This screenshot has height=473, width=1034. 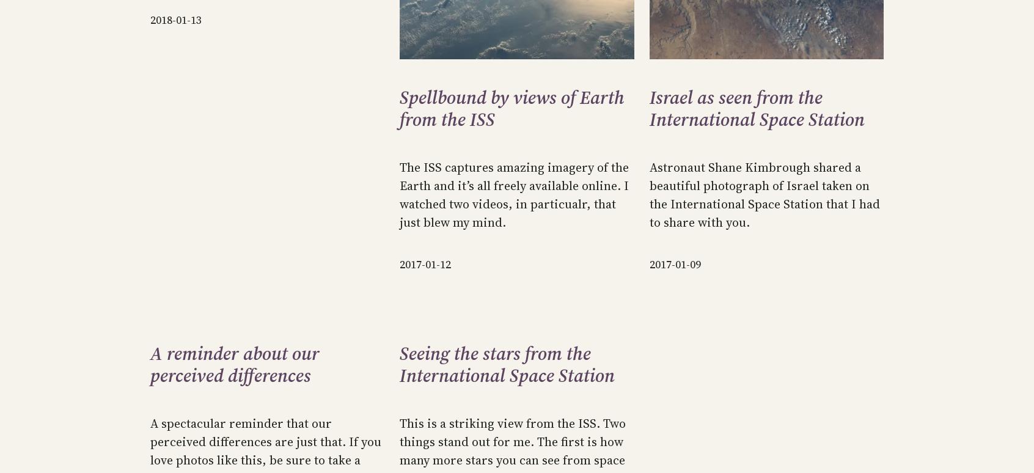 I want to click on '2017-01-12', so click(x=425, y=263).